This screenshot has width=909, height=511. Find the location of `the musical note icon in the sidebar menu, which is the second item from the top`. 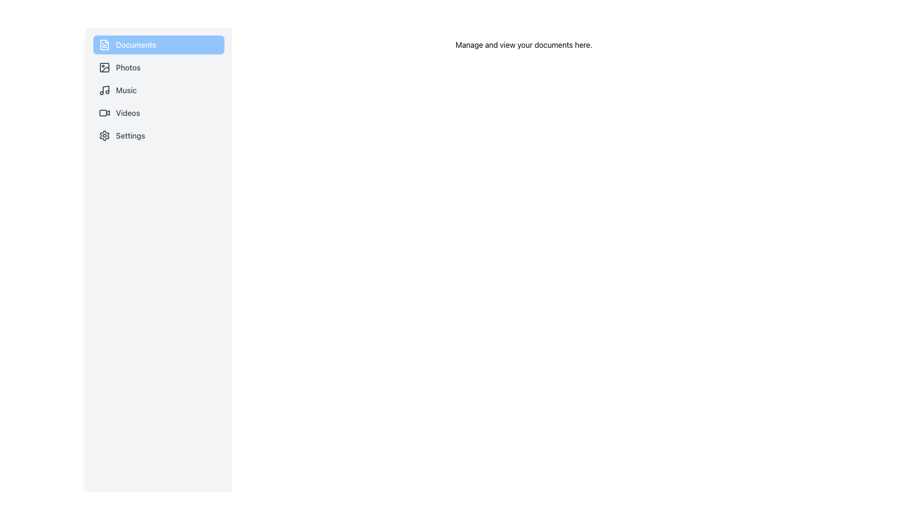

the musical note icon in the sidebar menu, which is the second item from the top is located at coordinates (106, 89).